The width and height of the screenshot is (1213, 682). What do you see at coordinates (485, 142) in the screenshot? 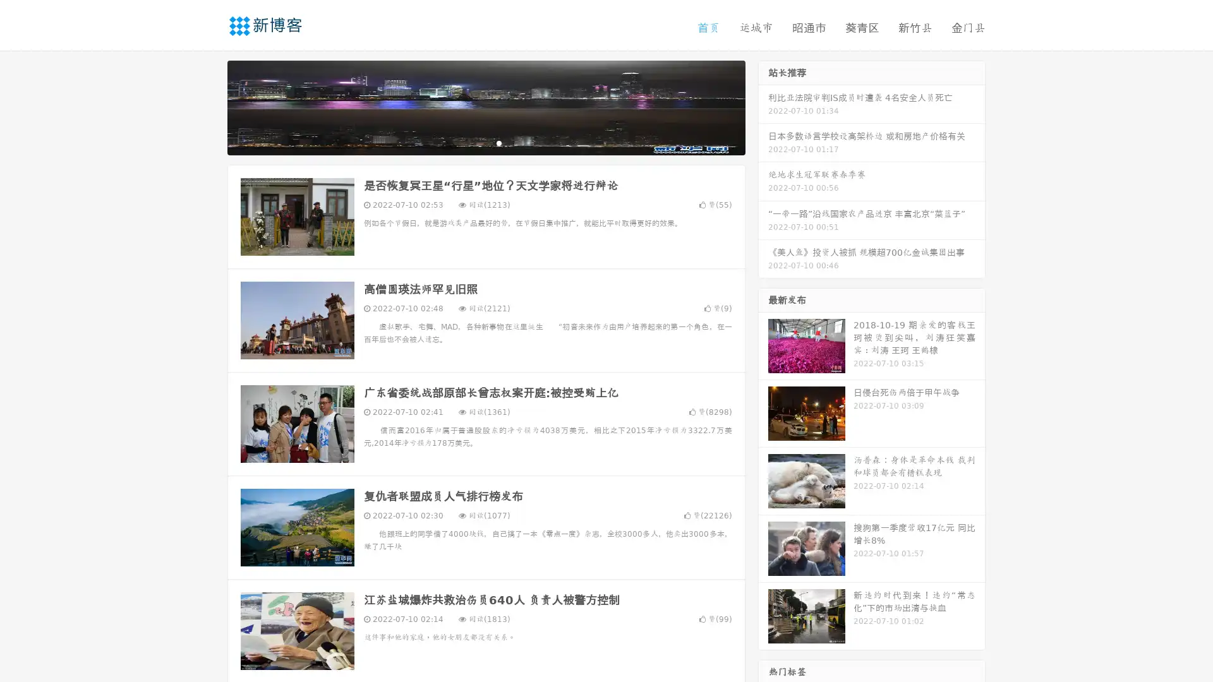
I see `Go to slide 2` at bounding box center [485, 142].